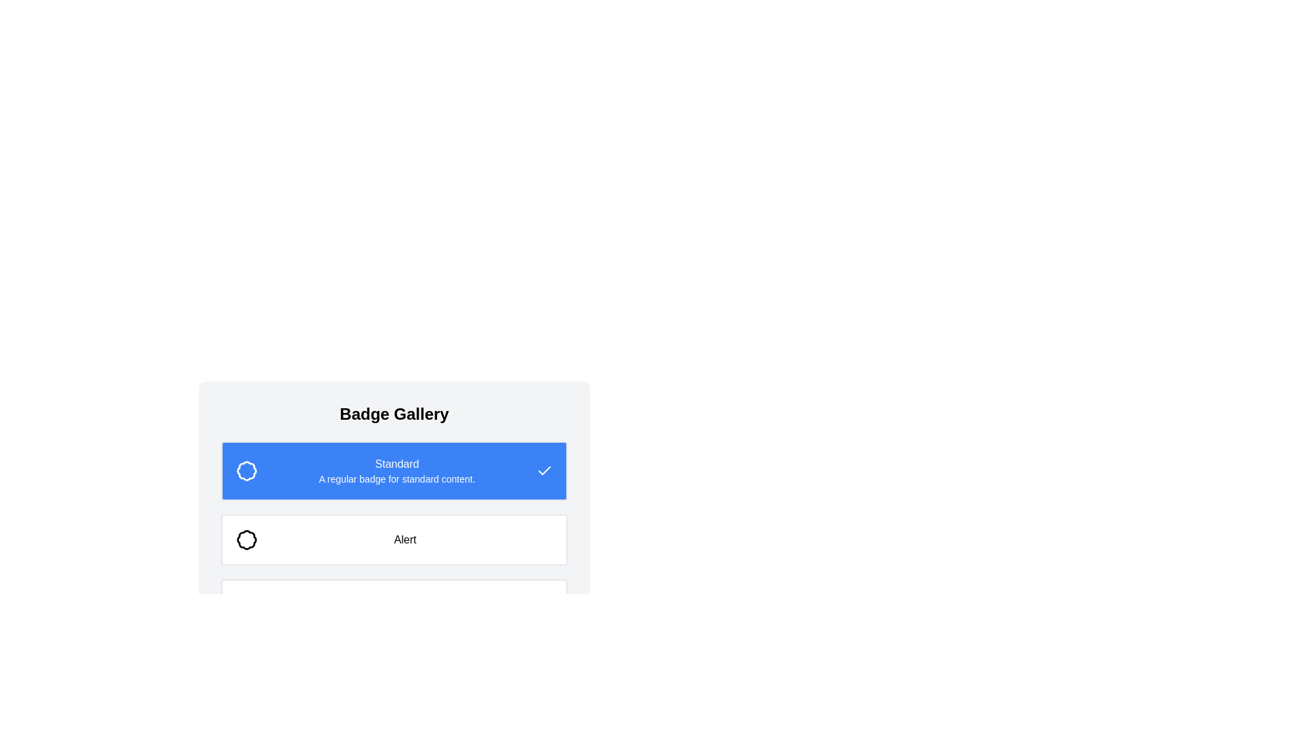 Image resolution: width=1299 pixels, height=730 pixels. I want to click on the decorative tick-shaped icon located in the top-right section of the blue 'Standard' card, which indicates a confirmed or completed status, so click(545, 470).